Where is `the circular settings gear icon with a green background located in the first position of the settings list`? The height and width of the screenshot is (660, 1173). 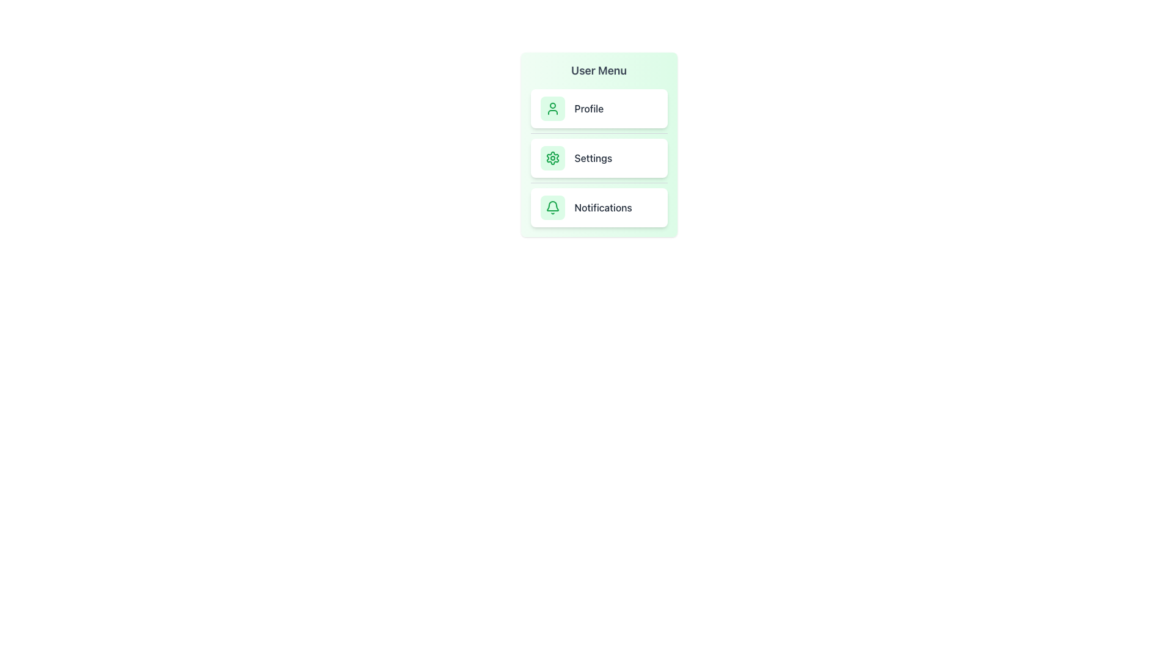
the circular settings gear icon with a green background located in the first position of the settings list is located at coordinates (552, 157).